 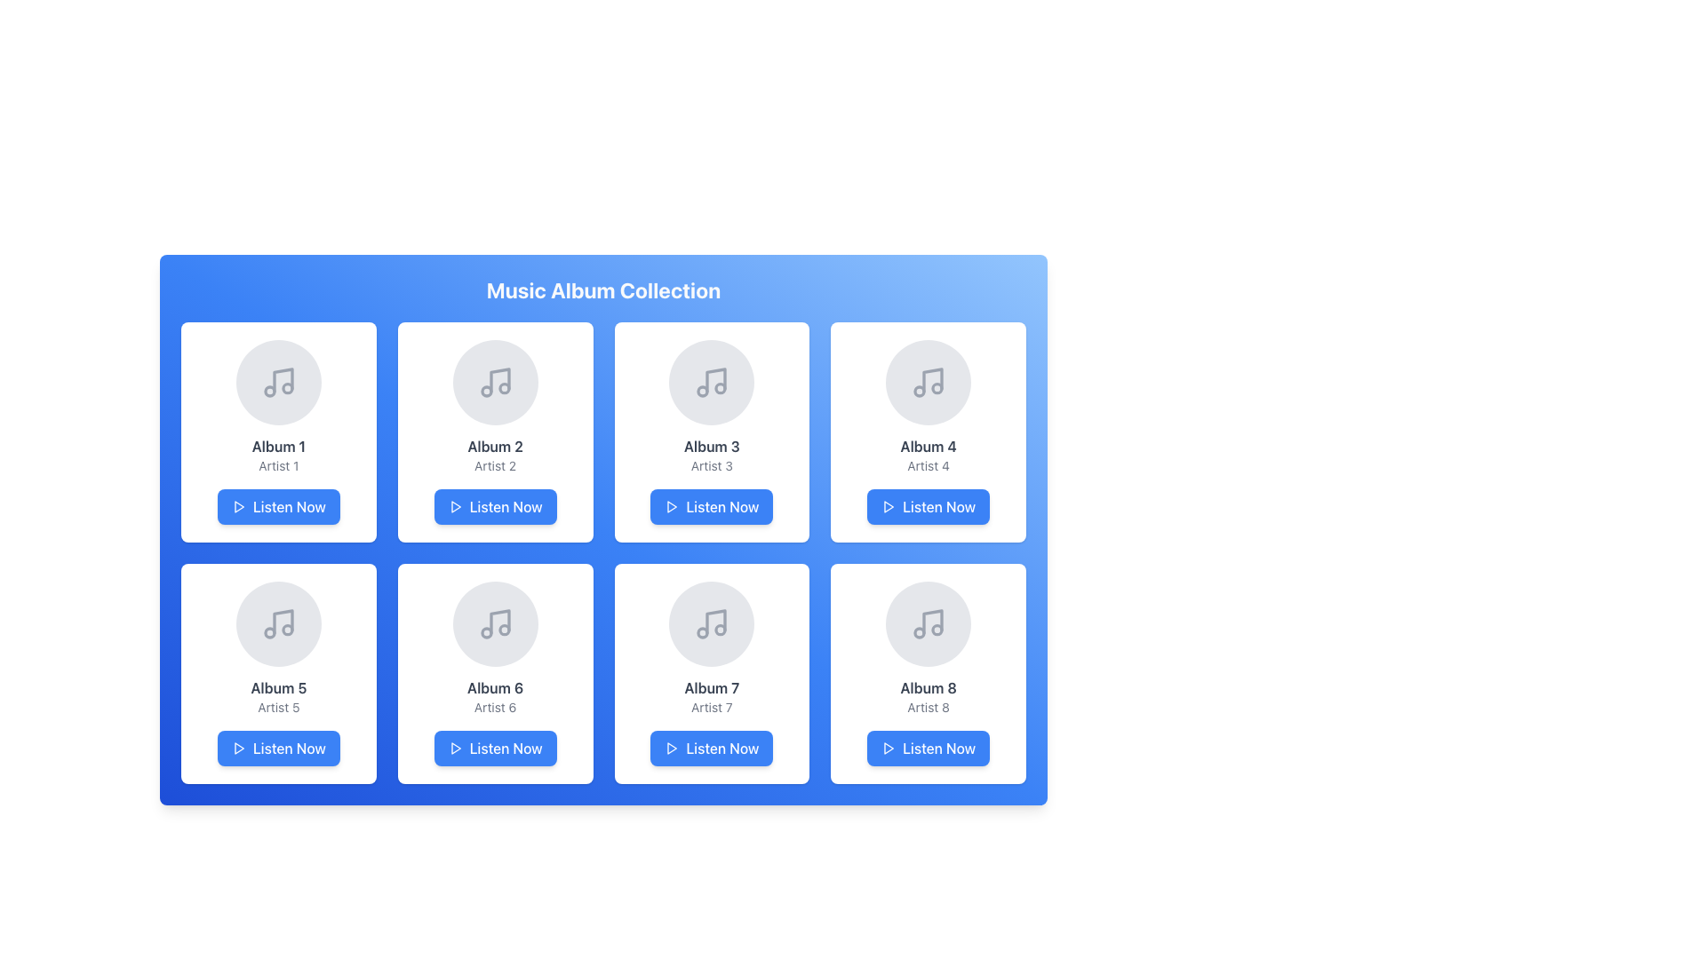 What do you see at coordinates (237, 506) in the screenshot?
I see `the small triangular play icon located within the 'Listen Now' button under the 'Album 1' card` at bounding box center [237, 506].